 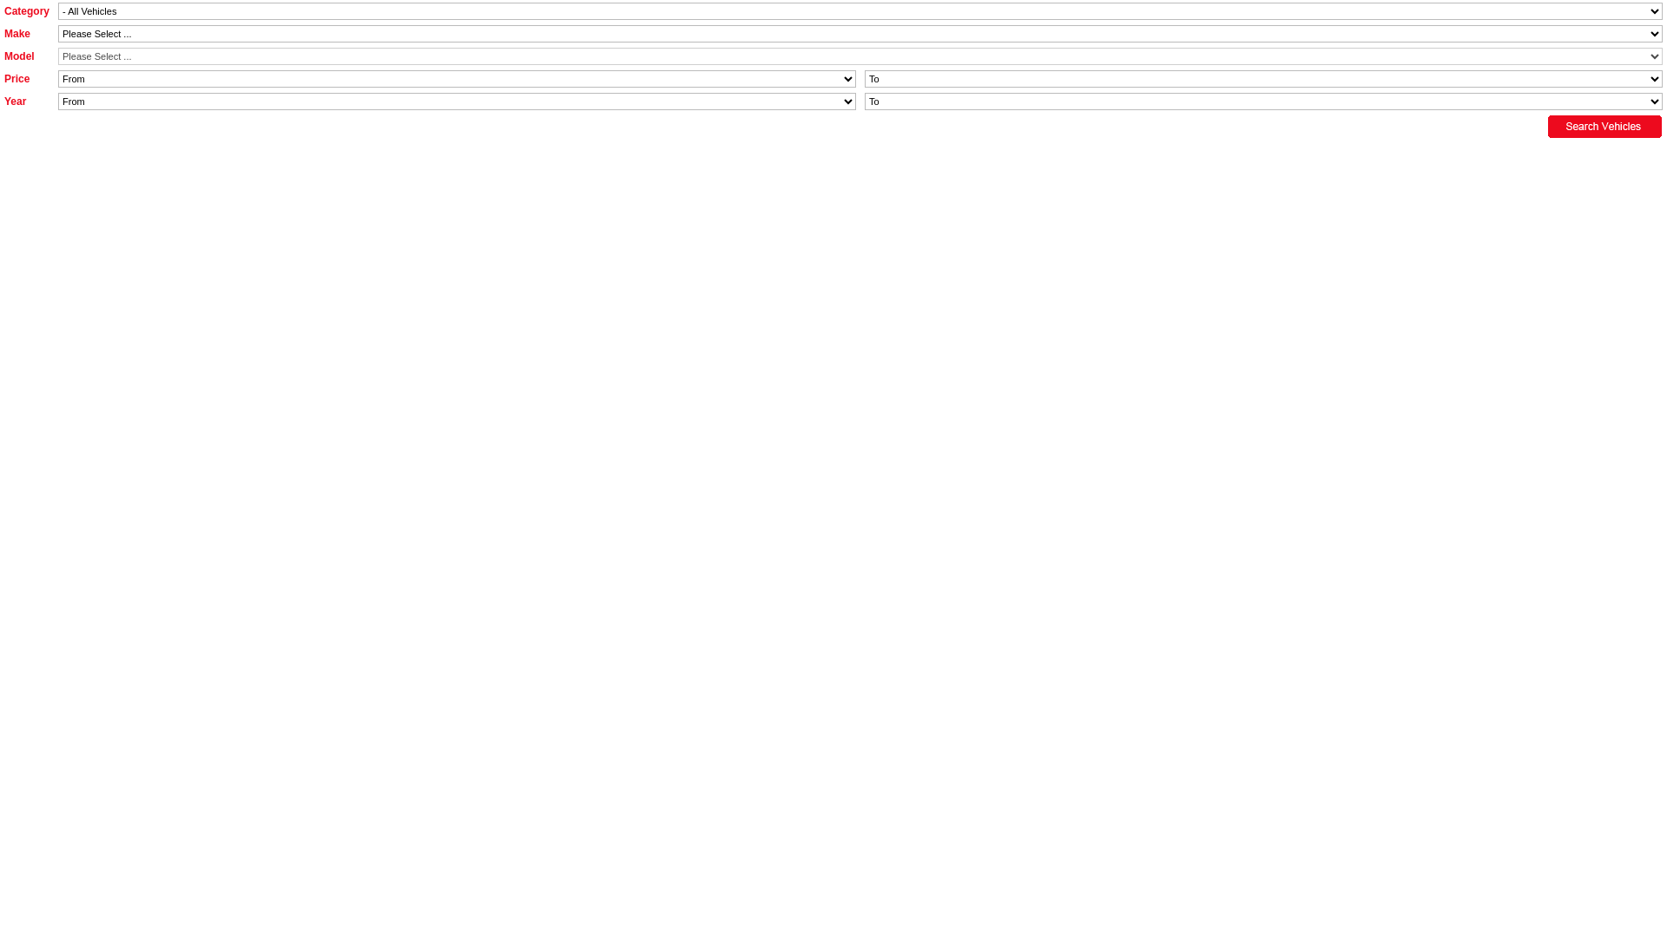 I want to click on 'Search!', so click(x=1604, y=126).